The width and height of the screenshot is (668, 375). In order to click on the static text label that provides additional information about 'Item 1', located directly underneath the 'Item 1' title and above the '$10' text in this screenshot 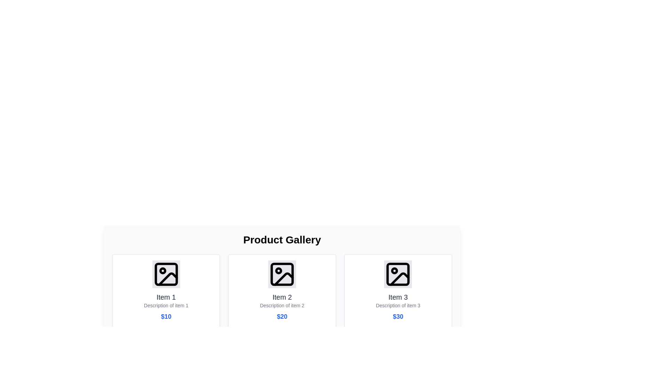, I will do `click(166, 305)`.